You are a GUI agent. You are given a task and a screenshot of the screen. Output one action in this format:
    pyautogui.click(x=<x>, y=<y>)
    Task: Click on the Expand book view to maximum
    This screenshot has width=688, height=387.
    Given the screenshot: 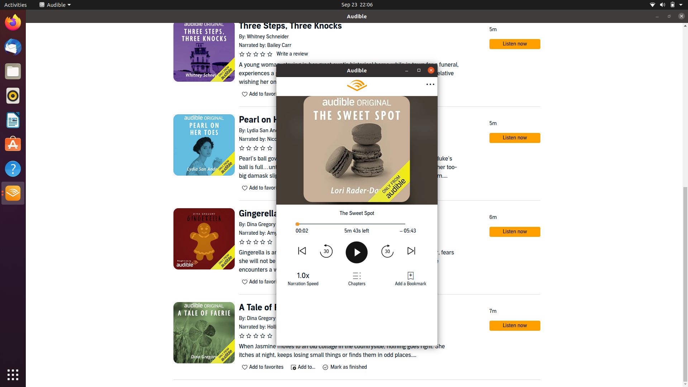 What is the action you would take?
    pyautogui.click(x=407, y=70)
    